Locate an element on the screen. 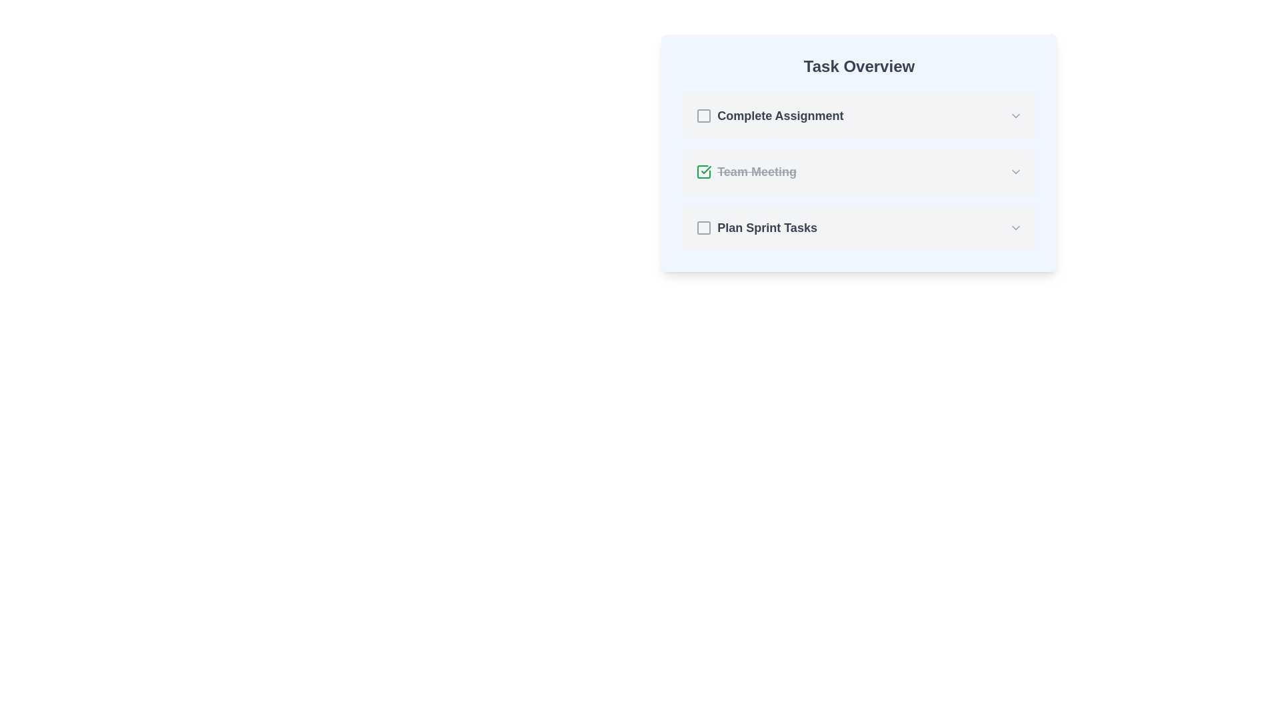  the green checkmark icon within a square indicating a completed task, located to the left of the text 'Team Meeting' in the 'Task Overview' list is located at coordinates (703, 171).